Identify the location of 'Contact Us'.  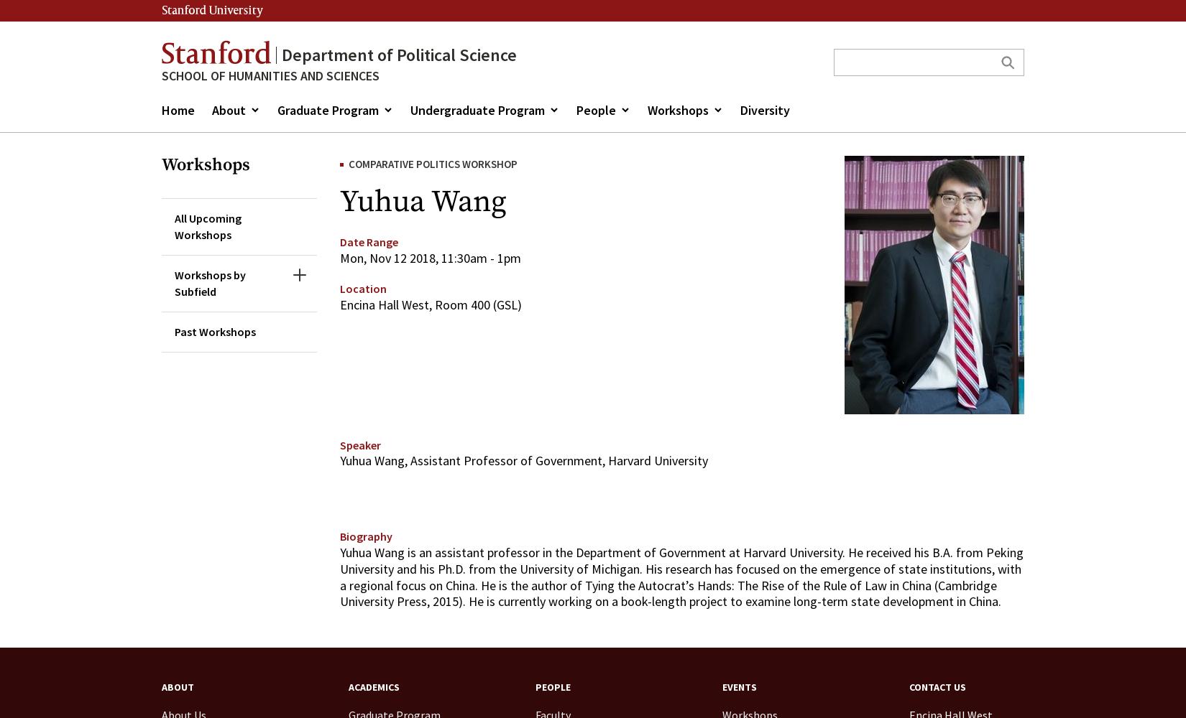
(909, 686).